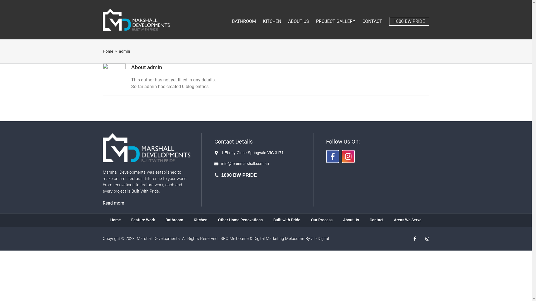  I want to click on 'BATHROOM', so click(232, 18).